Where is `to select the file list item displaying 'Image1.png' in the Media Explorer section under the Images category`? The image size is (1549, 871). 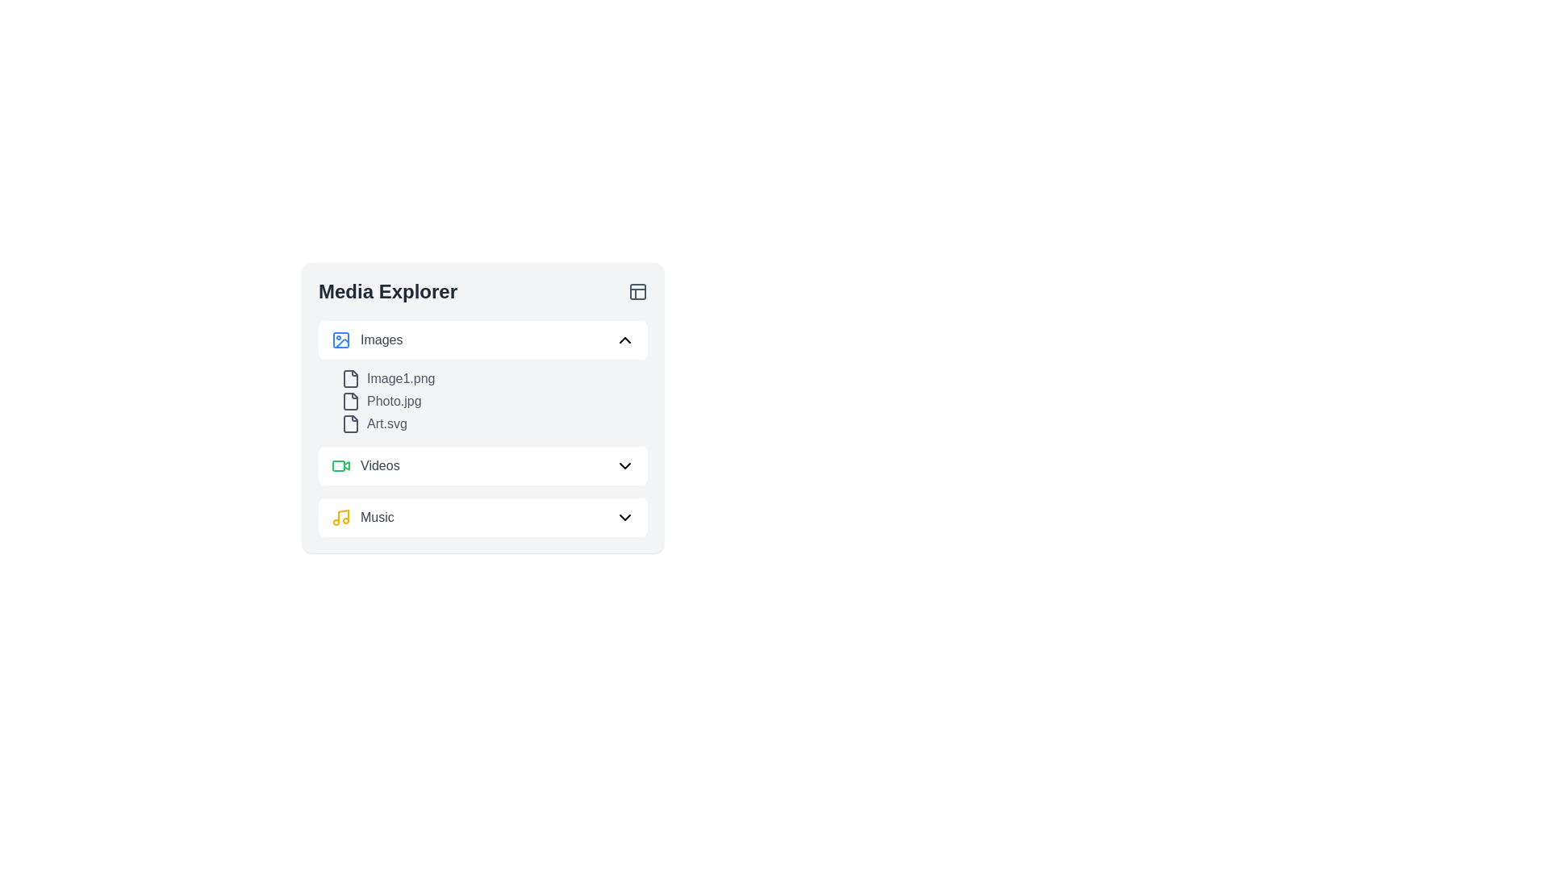
to select the file list item displaying 'Image1.png' in the Media Explorer section under the Images category is located at coordinates (494, 379).